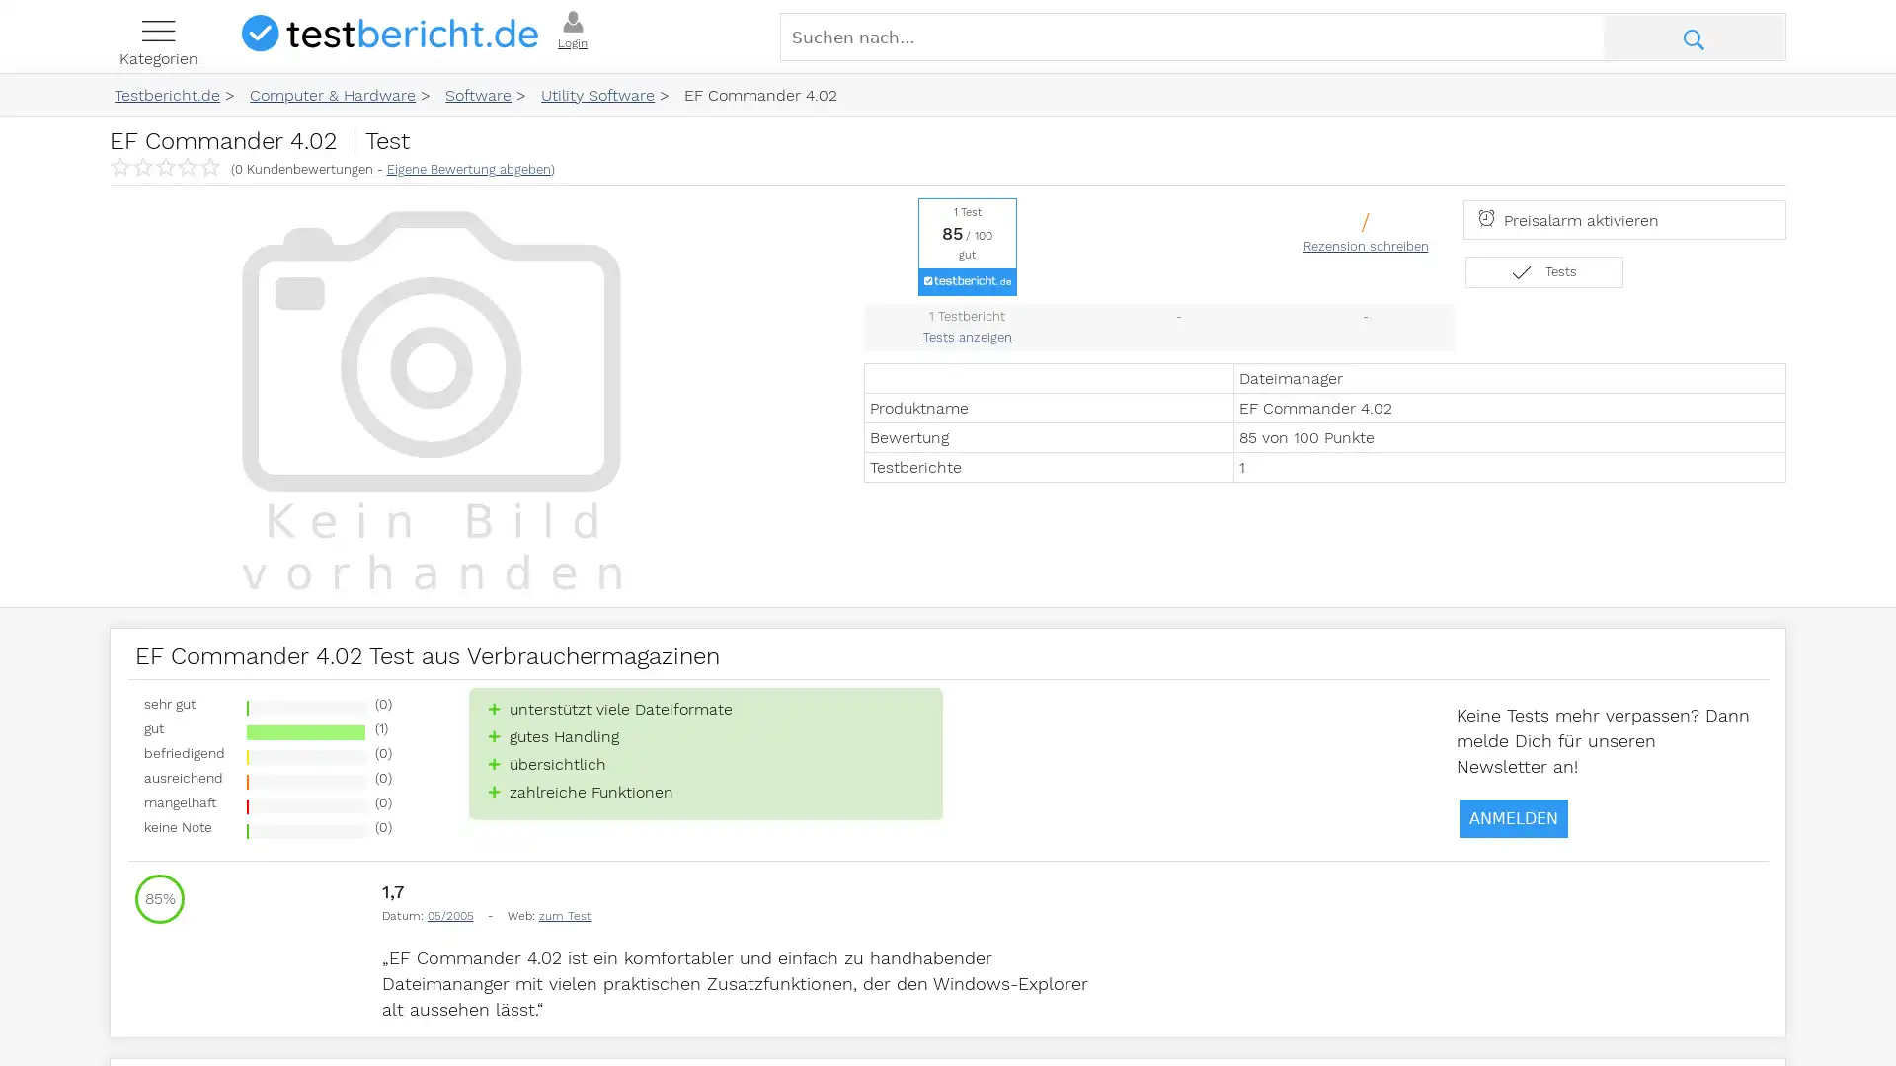 The height and width of the screenshot is (1066, 1896). Describe the element at coordinates (1692, 37) in the screenshot. I see `Suche abschicken` at that location.